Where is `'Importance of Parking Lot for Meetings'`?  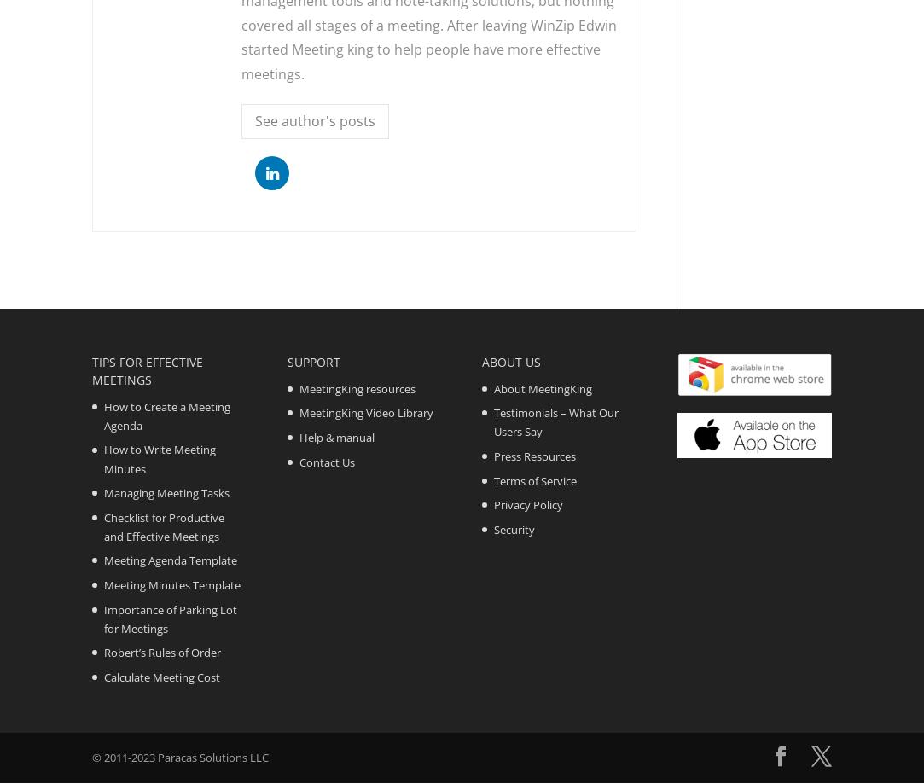
'Importance of Parking Lot for Meetings' is located at coordinates (170, 617).